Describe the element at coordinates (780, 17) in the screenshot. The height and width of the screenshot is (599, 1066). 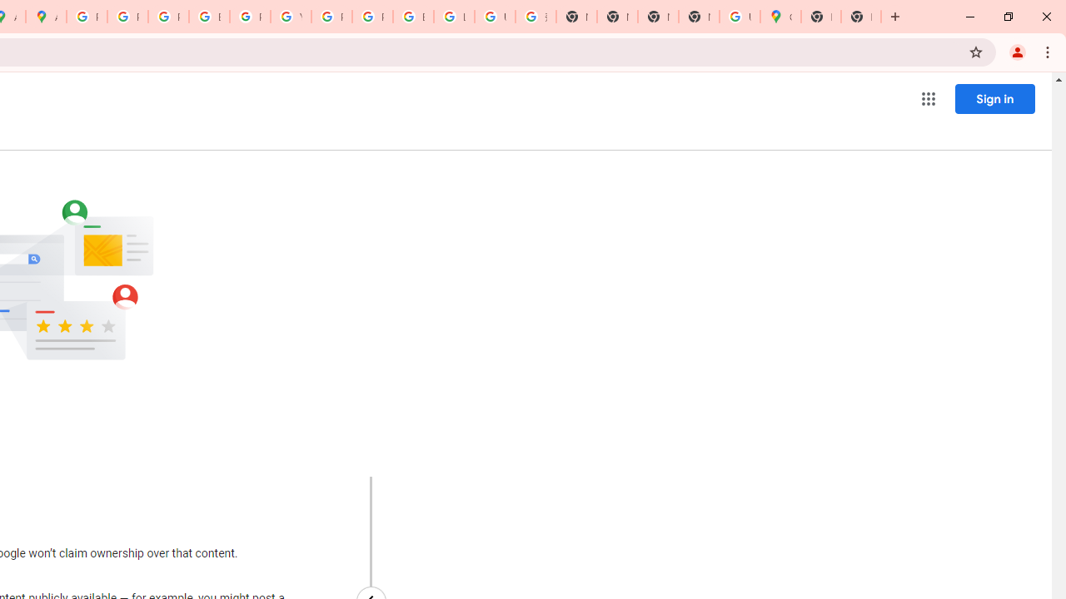
I see `'Google Maps'` at that location.